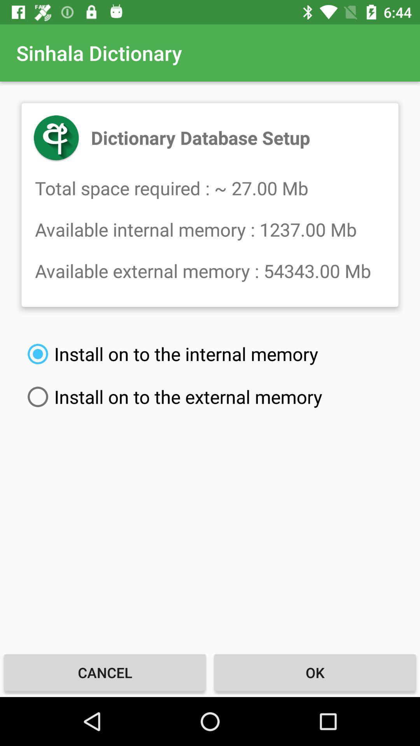  I want to click on the cancel at the bottom left corner, so click(105, 672).